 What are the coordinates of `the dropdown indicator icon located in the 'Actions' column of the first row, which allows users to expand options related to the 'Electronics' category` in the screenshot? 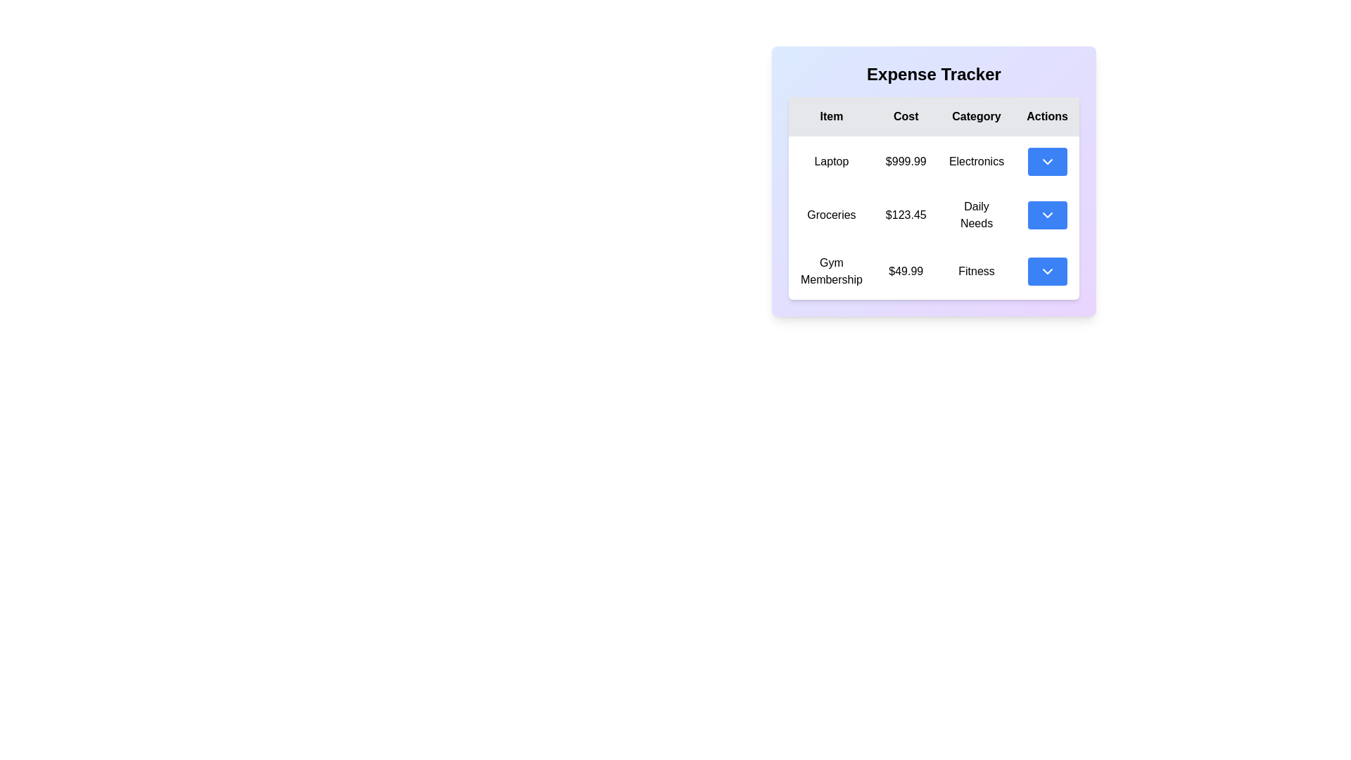 It's located at (1047, 161).